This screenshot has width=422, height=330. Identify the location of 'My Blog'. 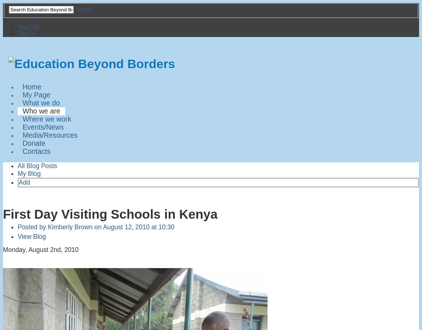
(29, 173).